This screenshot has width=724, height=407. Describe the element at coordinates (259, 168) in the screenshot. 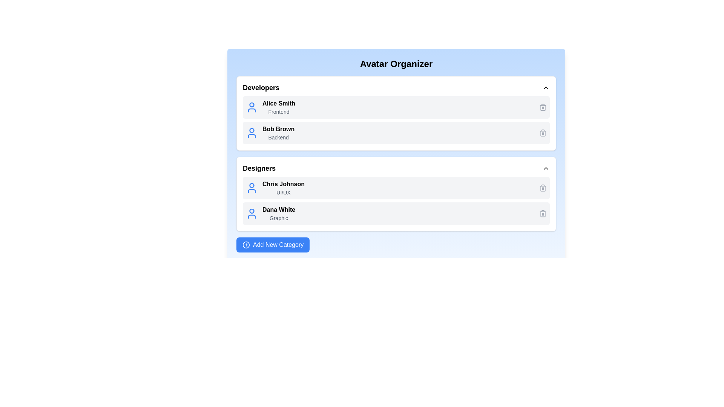

I see `the 'Designers' category header text label, which identifies content about individuals in the Designers category` at that location.